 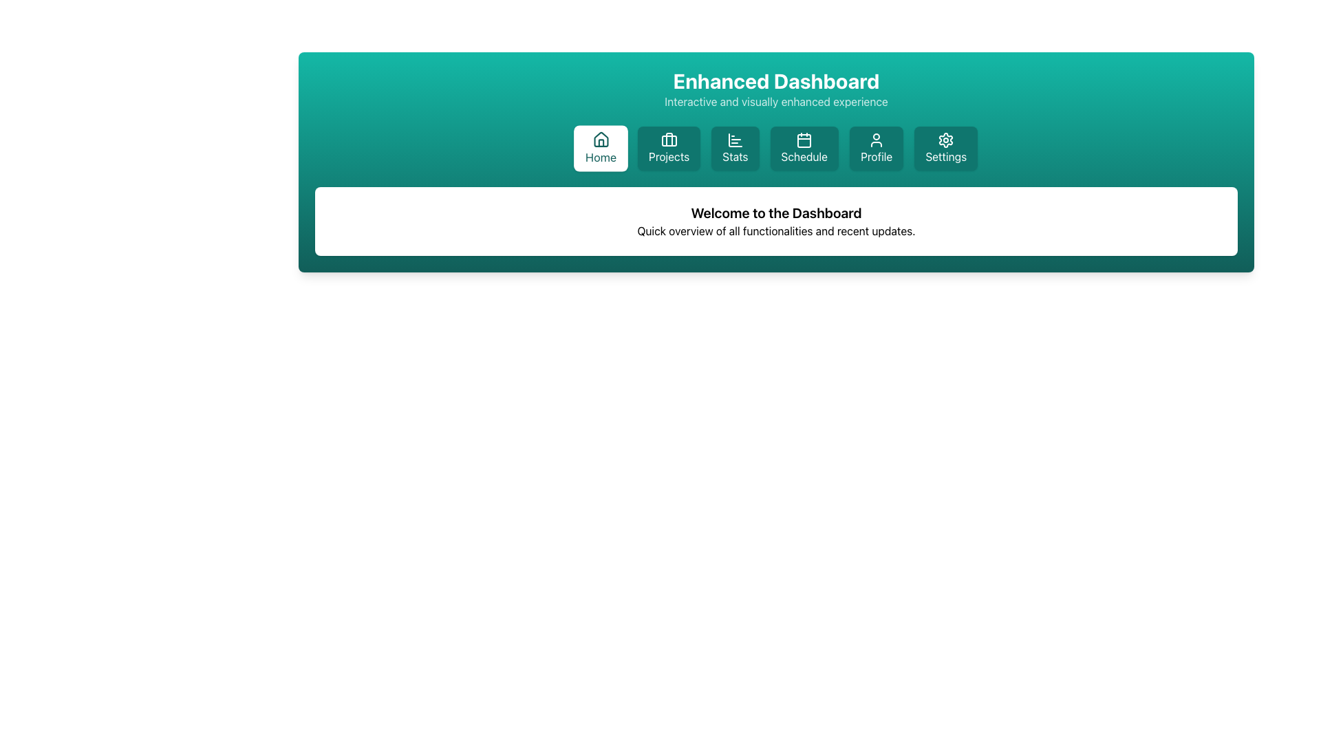 I want to click on the settings button that contains a gear-shaped icon styled with a white outline on a teal background, located at the top right of the menu bar, so click(x=945, y=140).